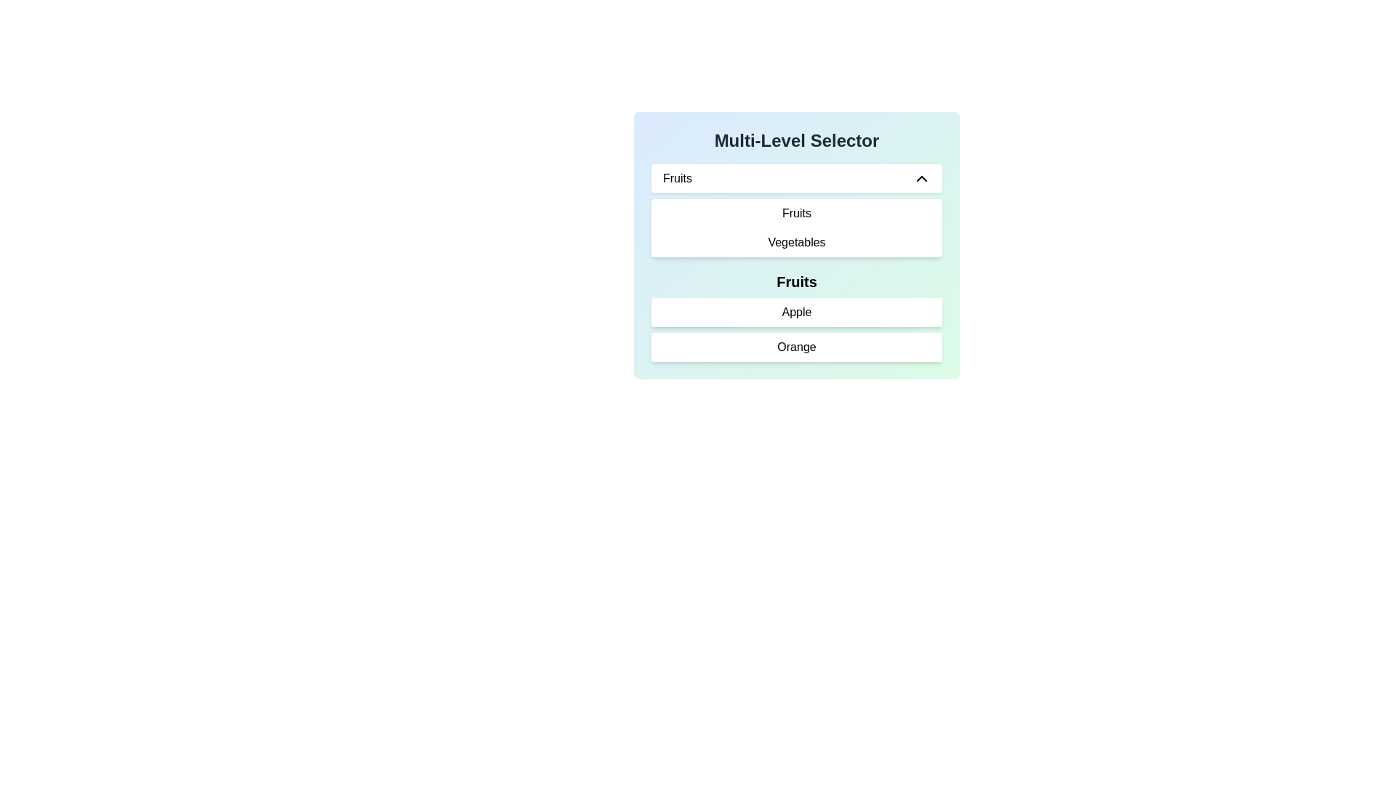 This screenshot has width=1396, height=785. What do you see at coordinates (795, 311) in the screenshot?
I see `to select the 'Apple' option from the dropdown menu under the 'Fruits' category in the 'Multi-Level Selector' interface` at bounding box center [795, 311].